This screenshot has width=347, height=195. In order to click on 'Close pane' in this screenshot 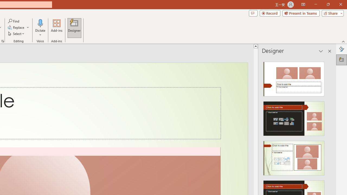, I will do `click(329, 51)`.